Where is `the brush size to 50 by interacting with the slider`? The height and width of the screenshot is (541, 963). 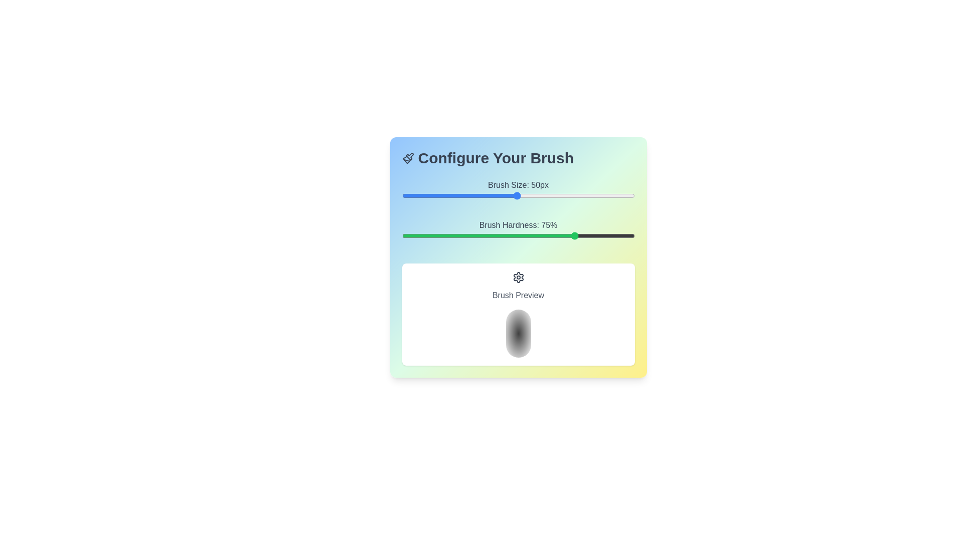 the brush size to 50 by interacting with the slider is located at coordinates (517, 195).